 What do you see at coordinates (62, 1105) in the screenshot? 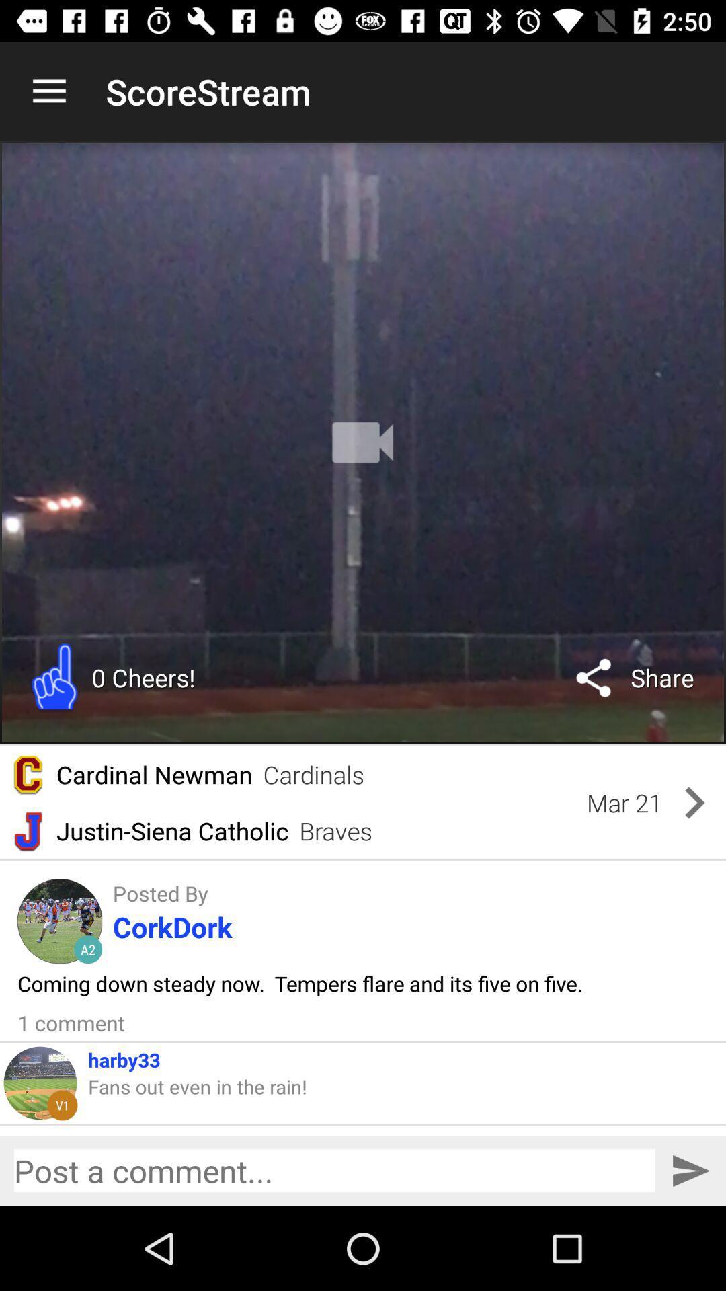
I see `v1` at bounding box center [62, 1105].